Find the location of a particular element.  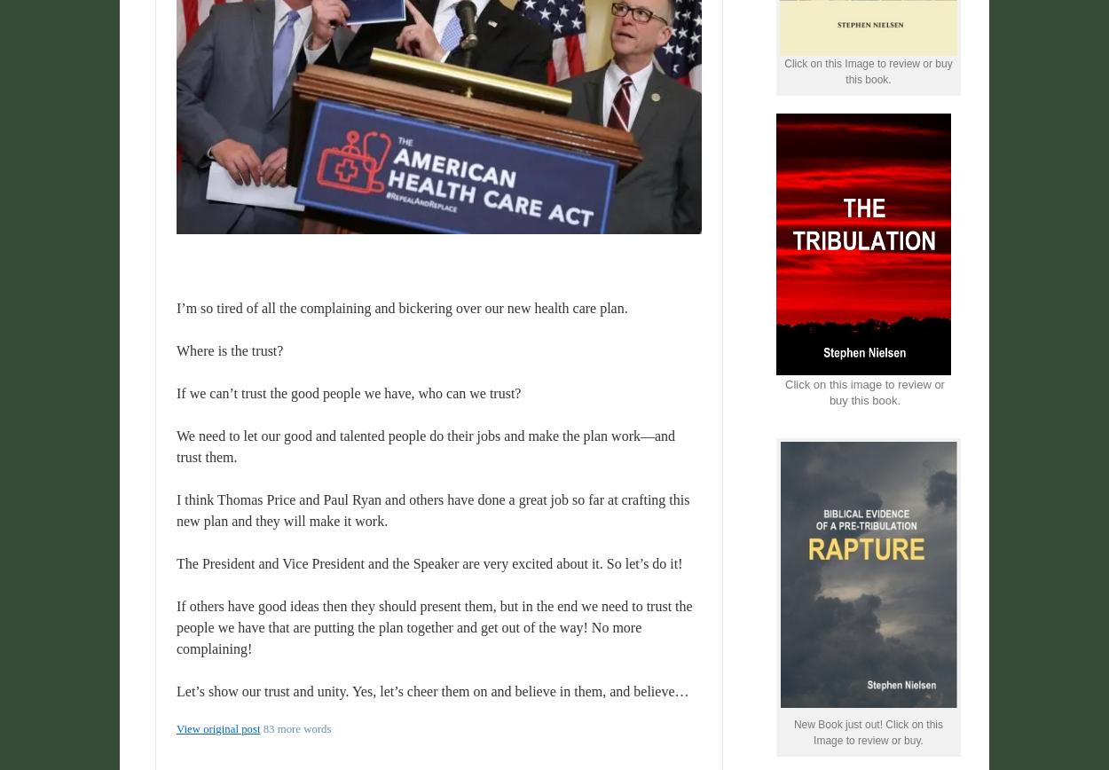

'Click on this image to review or buy this book.' is located at coordinates (863, 391).